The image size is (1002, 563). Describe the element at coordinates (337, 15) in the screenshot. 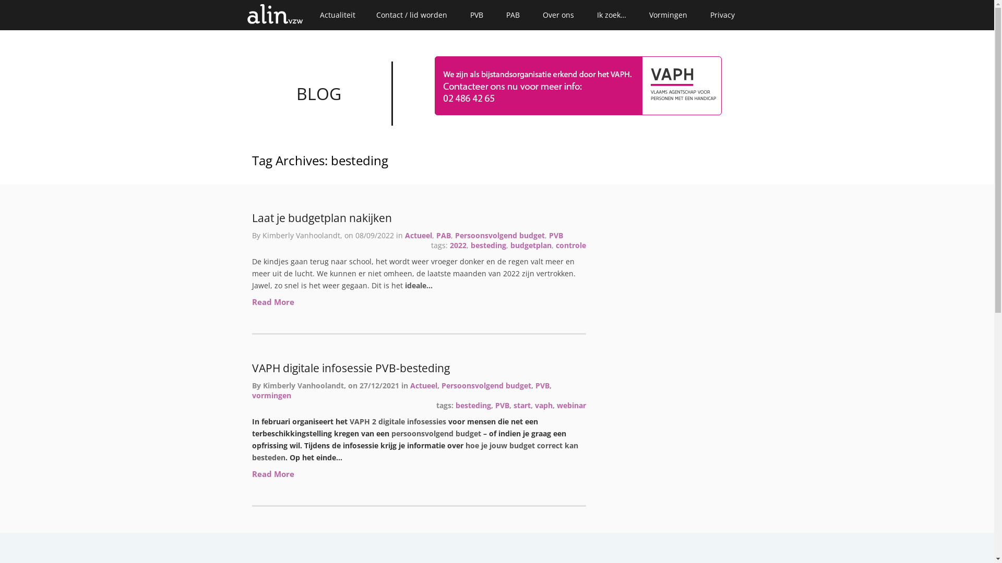

I see `'Actualiteit'` at that location.